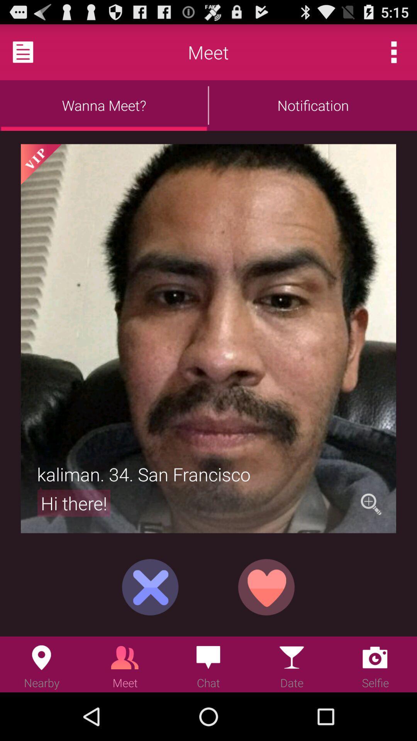  What do you see at coordinates (150, 629) in the screenshot?
I see `the close icon` at bounding box center [150, 629].